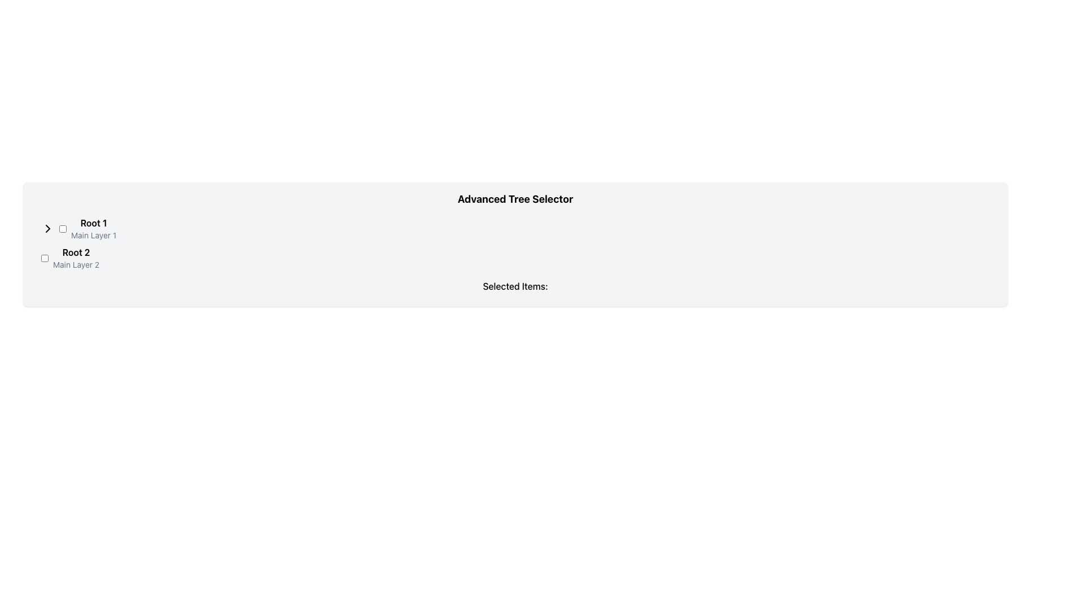  What do you see at coordinates (76, 258) in the screenshot?
I see `the Text block labeled 'Main Layer 2' which represents the subnode 'Root 2'` at bounding box center [76, 258].